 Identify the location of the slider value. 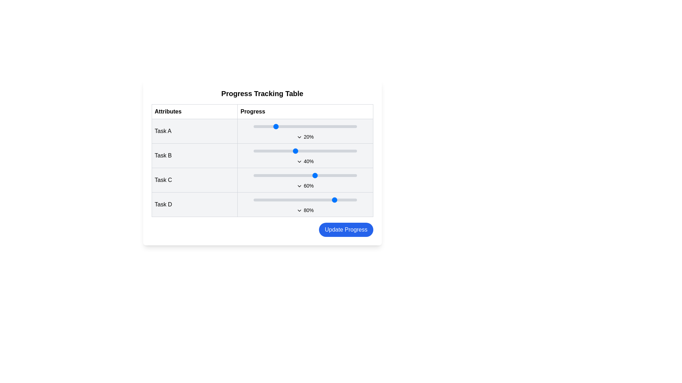
(344, 126).